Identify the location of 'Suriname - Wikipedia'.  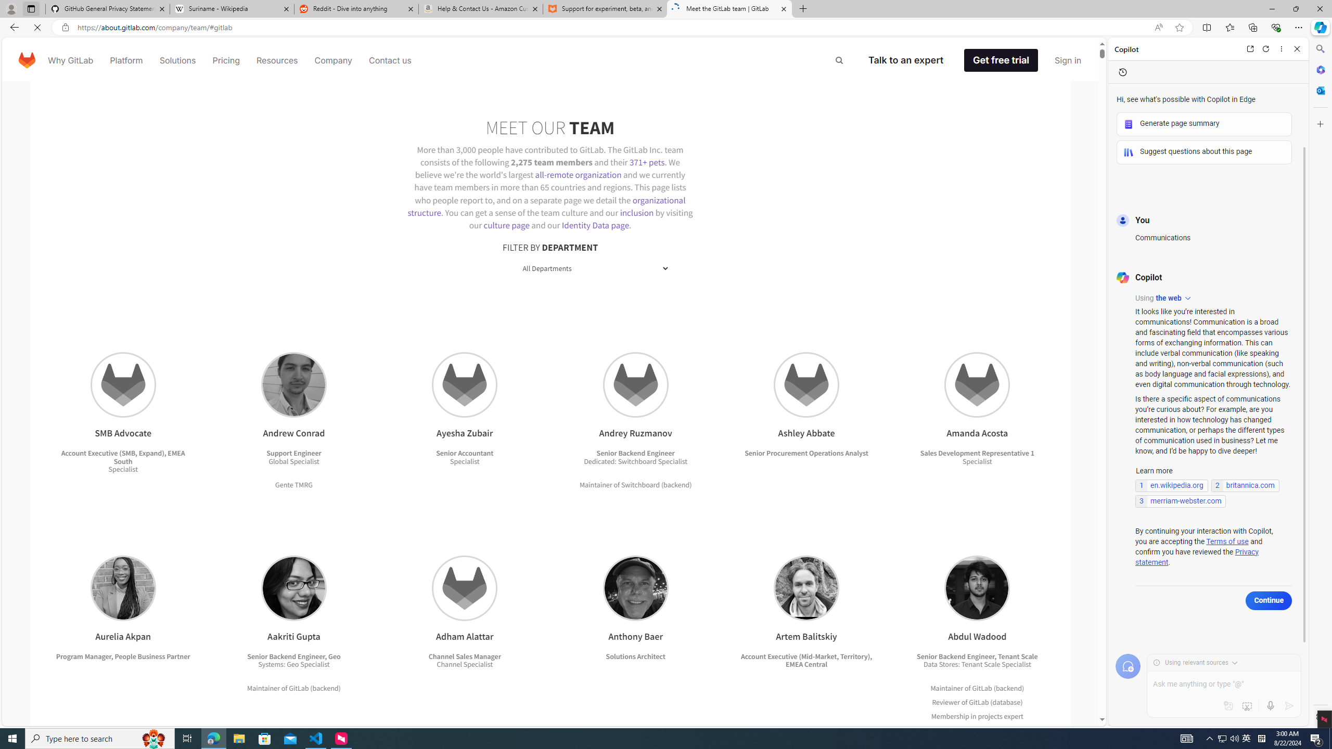
(231, 8).